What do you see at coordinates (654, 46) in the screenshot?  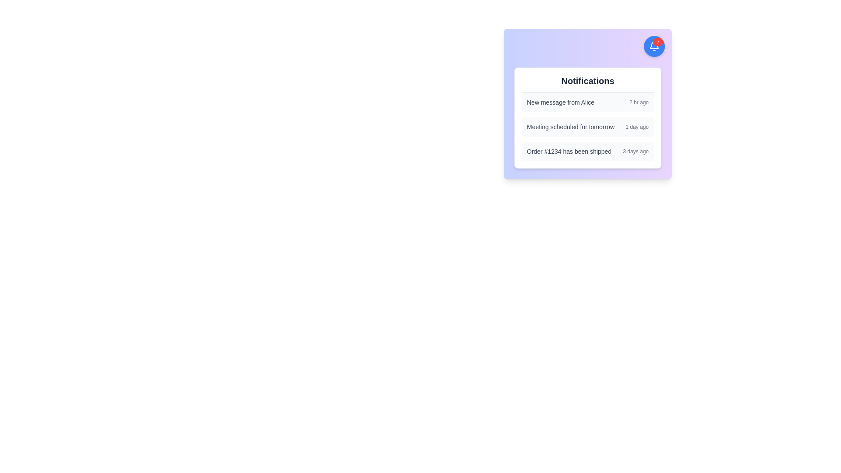 I see `the bell notification icon` at bounding box center [654, 46].